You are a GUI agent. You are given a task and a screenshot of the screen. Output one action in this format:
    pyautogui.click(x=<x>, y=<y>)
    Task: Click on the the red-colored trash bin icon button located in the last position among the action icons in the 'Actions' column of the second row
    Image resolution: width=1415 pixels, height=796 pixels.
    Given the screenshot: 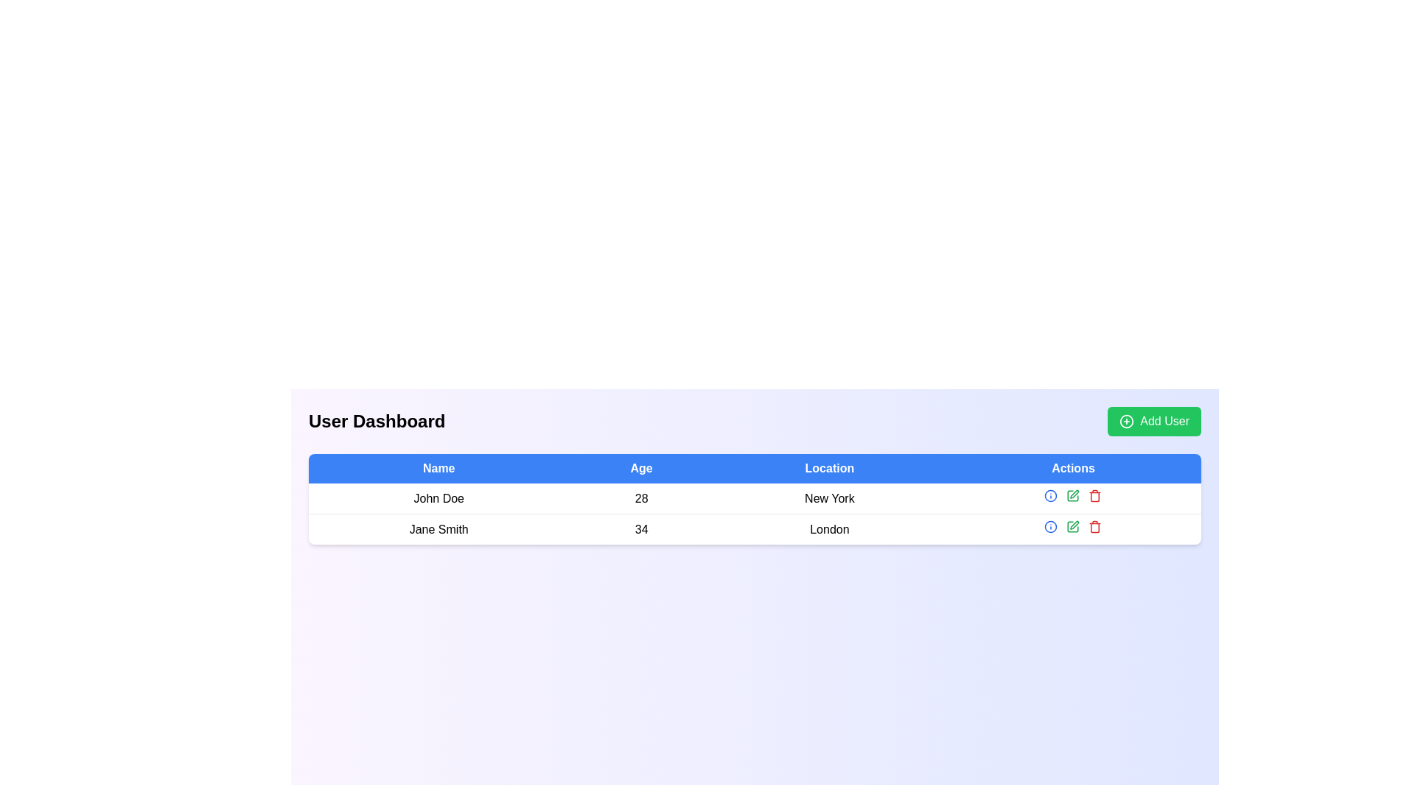 What is the action you would take?
    pyautogui.click(x=1095, y=495)
    